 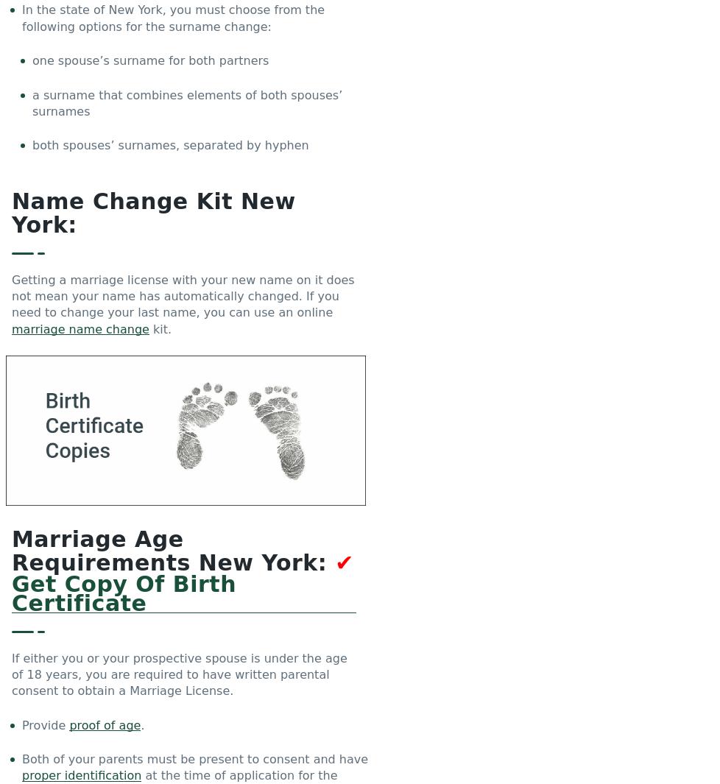 I want to click on 'kit.', so click(x=148, y=328).